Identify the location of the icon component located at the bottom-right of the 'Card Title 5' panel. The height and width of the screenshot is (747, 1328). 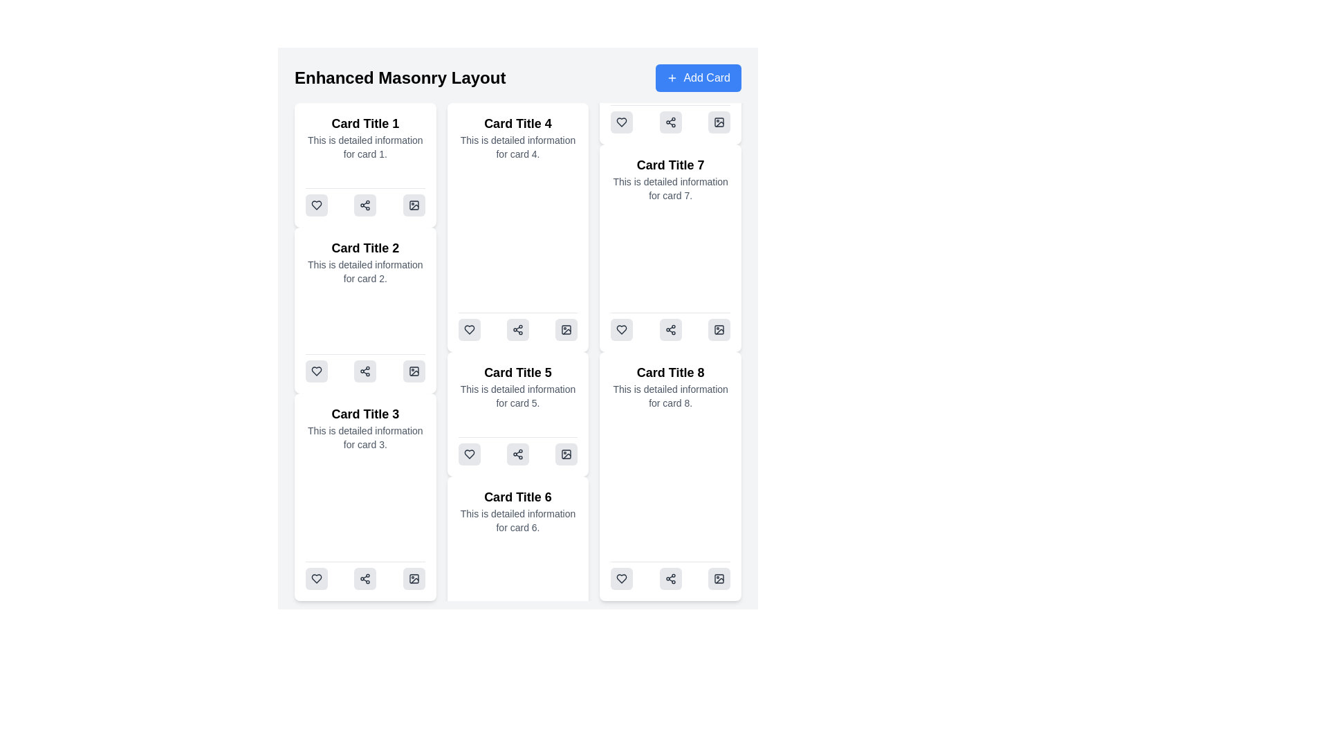
(566, 454).